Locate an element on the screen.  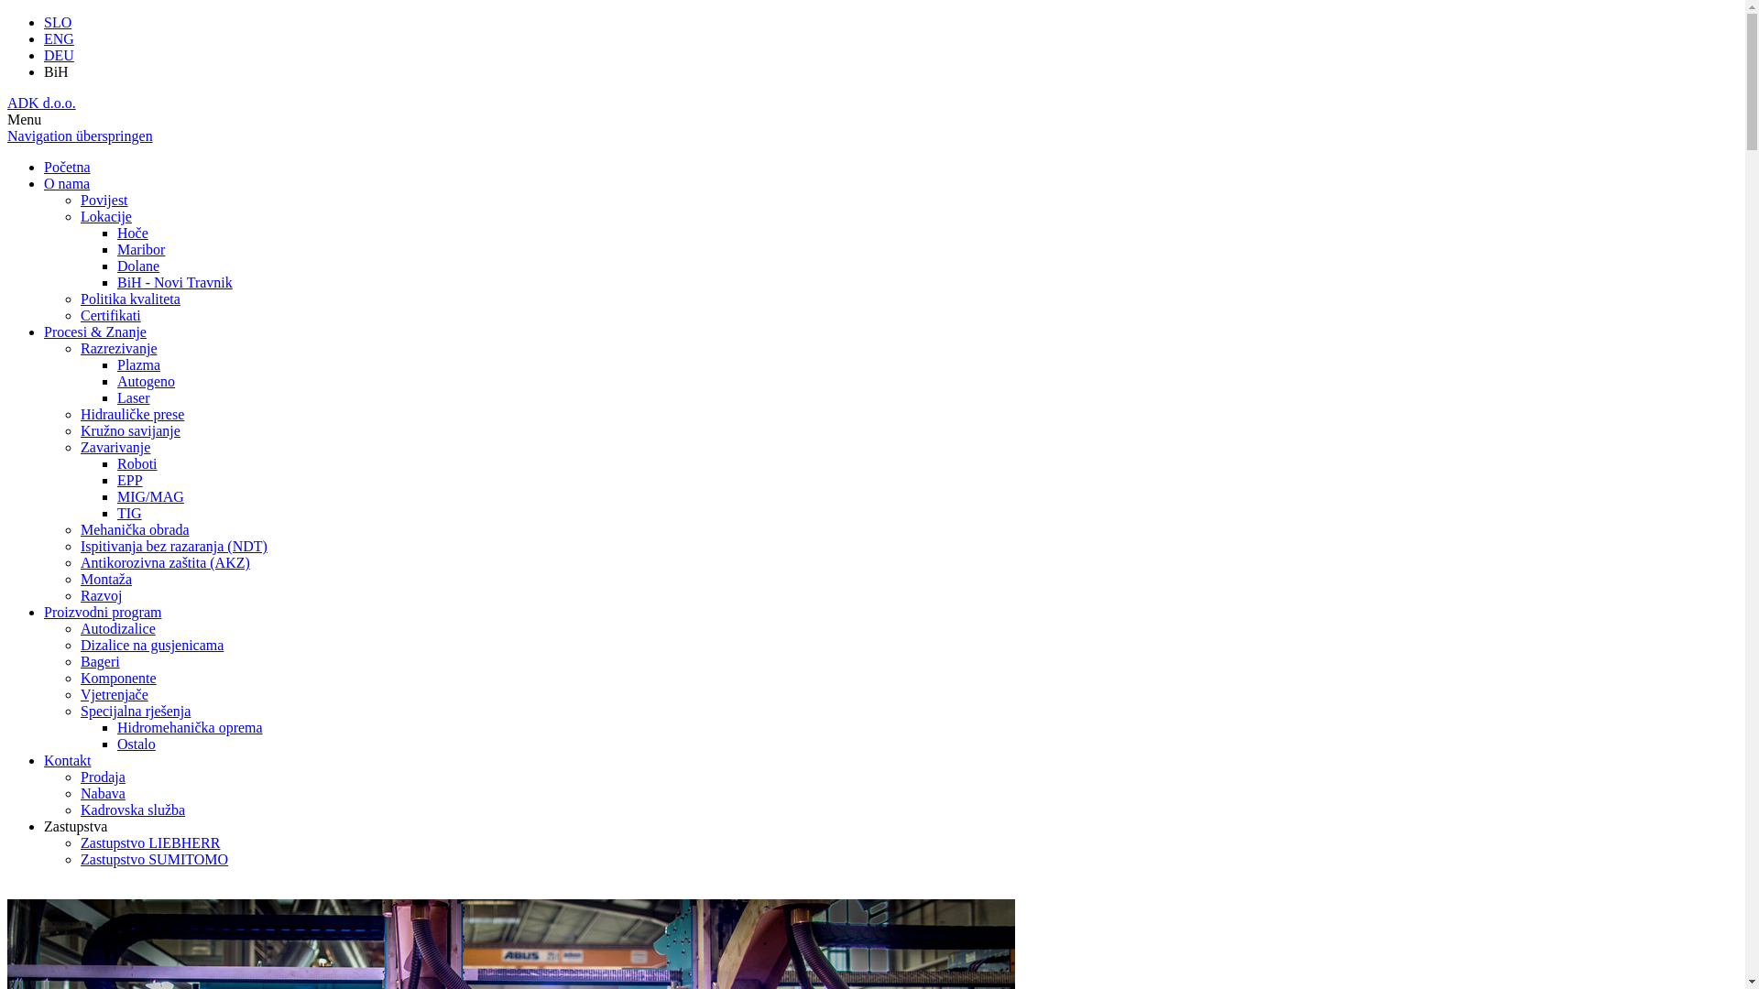
'Procesi & Znanje' is located at coordinates (44, 331).